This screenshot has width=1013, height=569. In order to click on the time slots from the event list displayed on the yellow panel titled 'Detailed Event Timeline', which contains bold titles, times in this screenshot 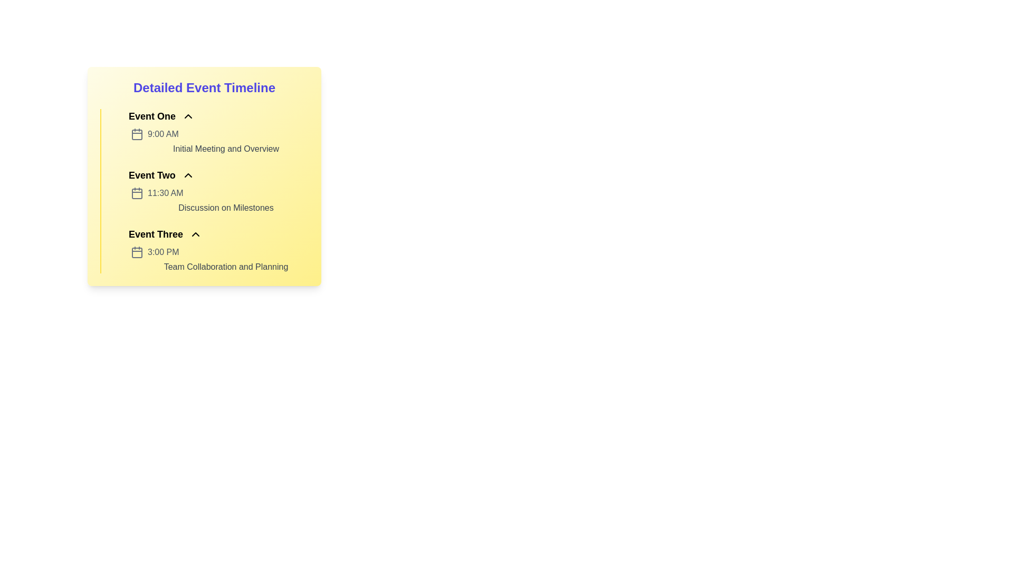, I will do `click(204, 191)`.